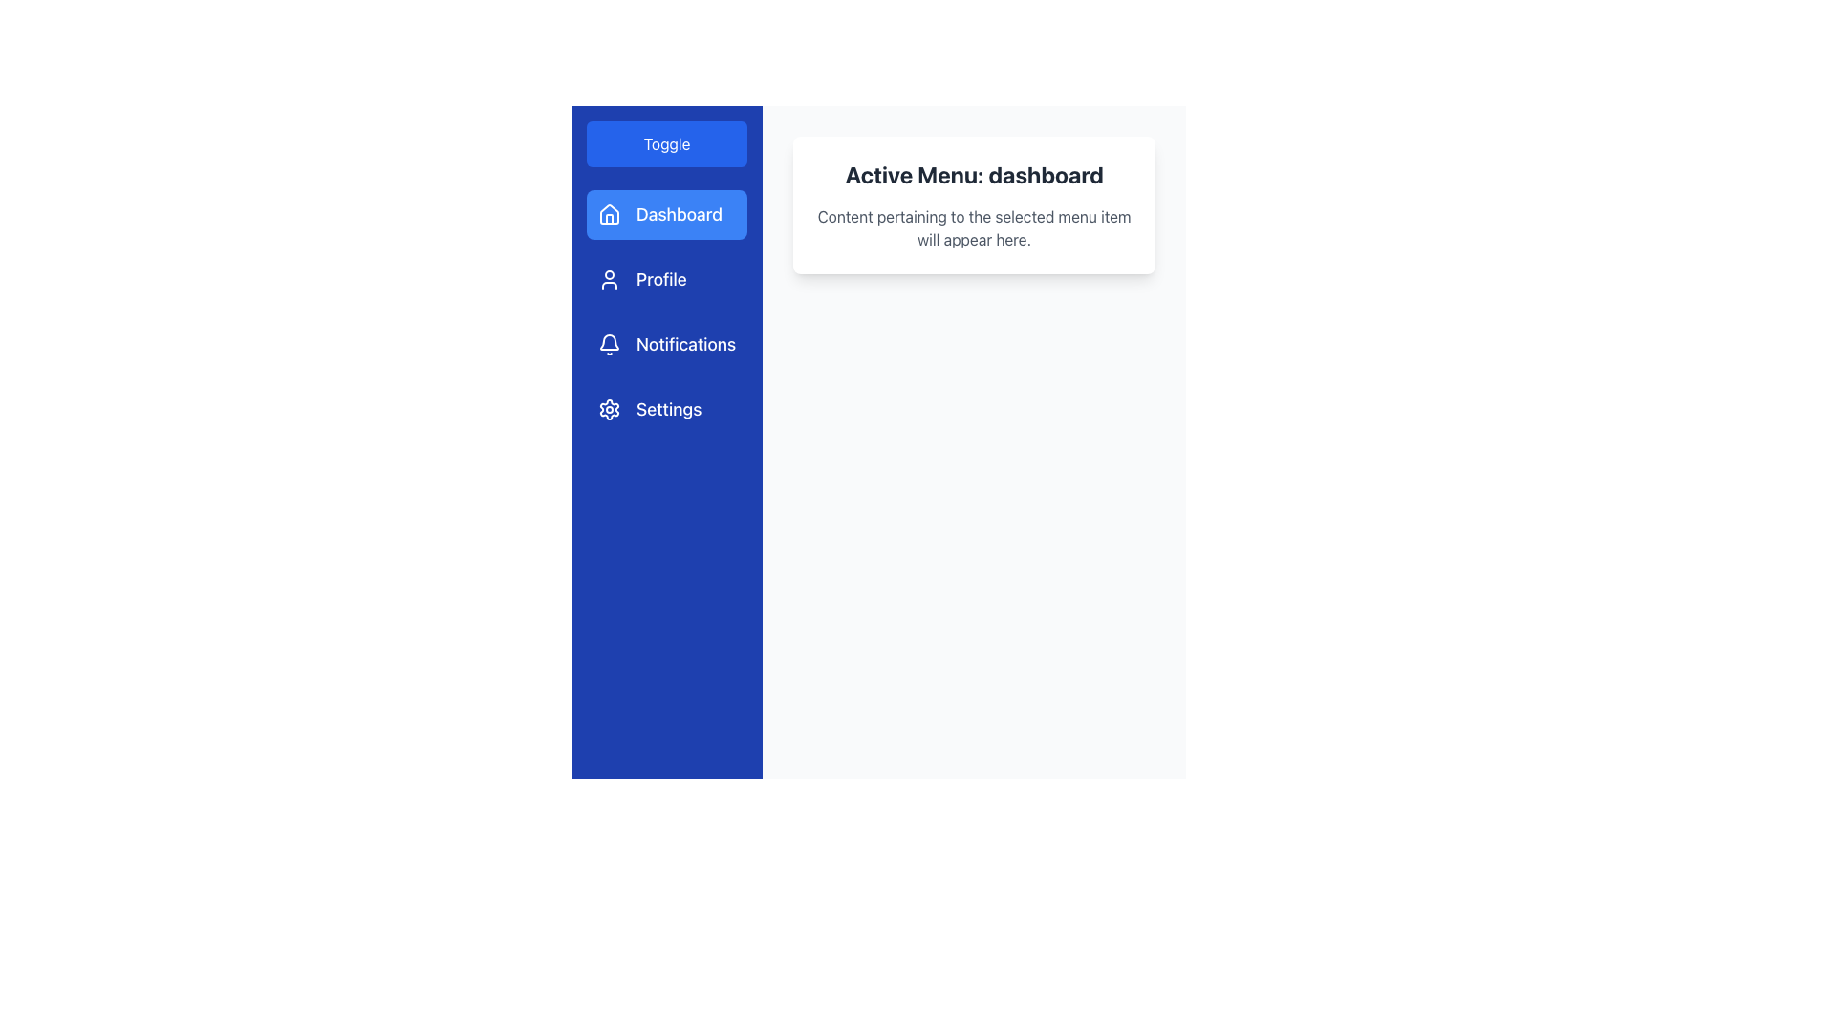  Describe the element at coordinates (666, 214) in the screenshot. I see `the 'Dashboard' button with a blue background and white text, which is the first item in the vertical menu on the left sidebar` at that location.